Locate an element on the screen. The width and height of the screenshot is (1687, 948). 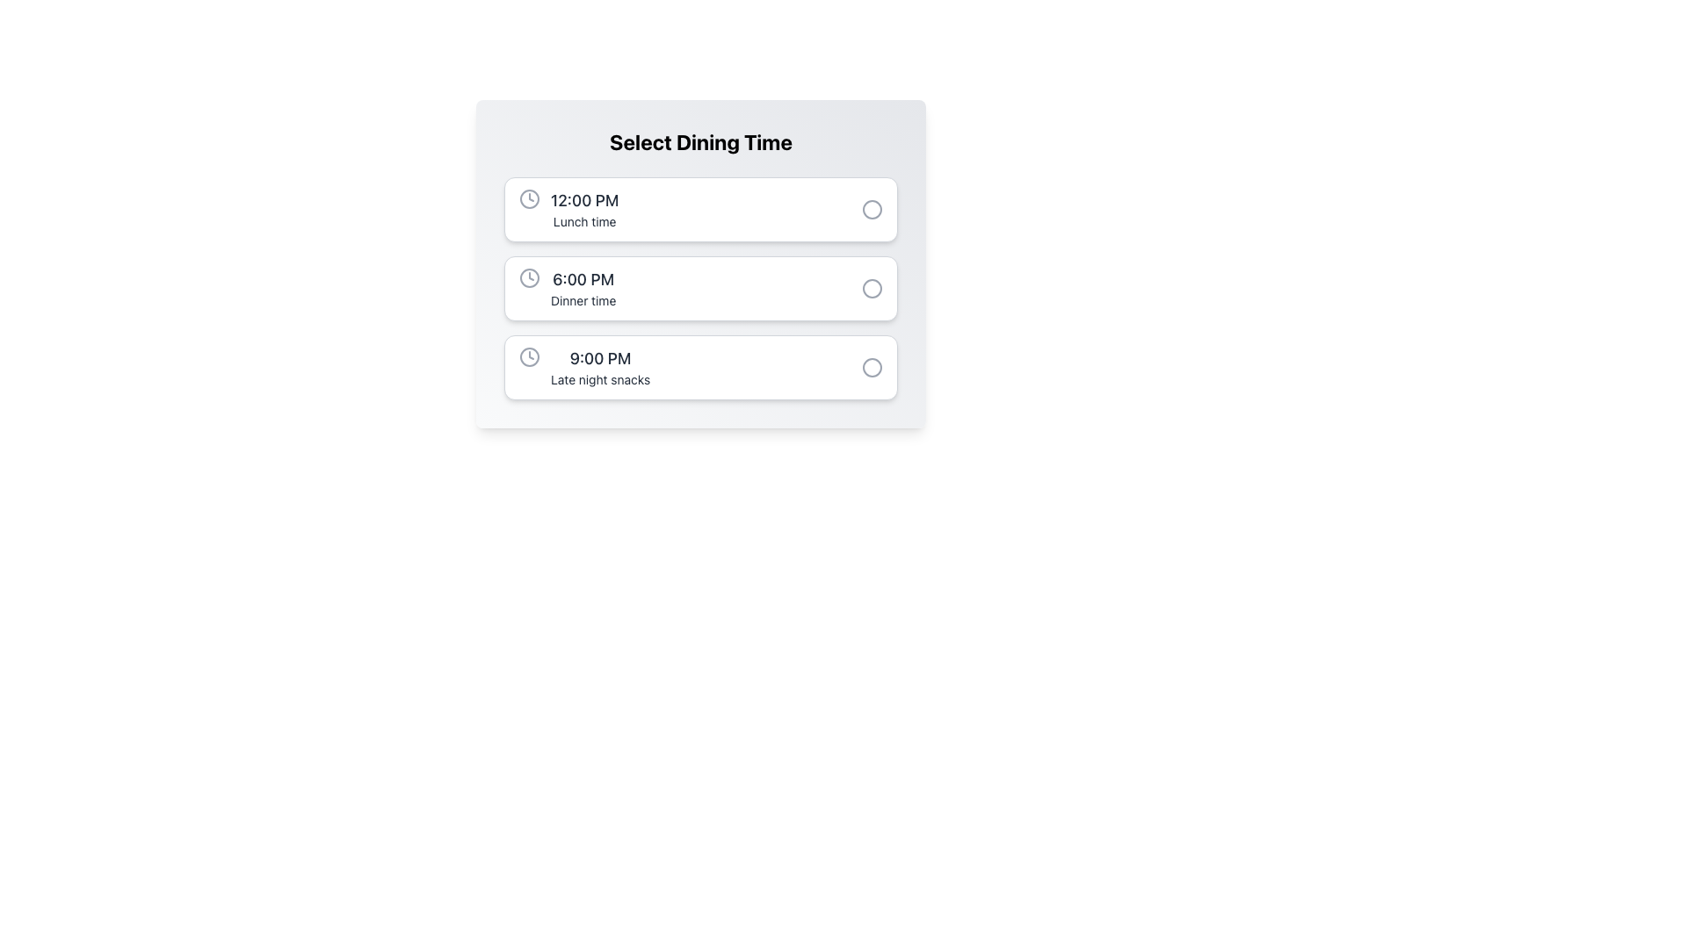
the circular SVG icon with a gray stroke located at the end of the '9:00 PM Late night snacks' option in the list is located at coordinates (872, 367).